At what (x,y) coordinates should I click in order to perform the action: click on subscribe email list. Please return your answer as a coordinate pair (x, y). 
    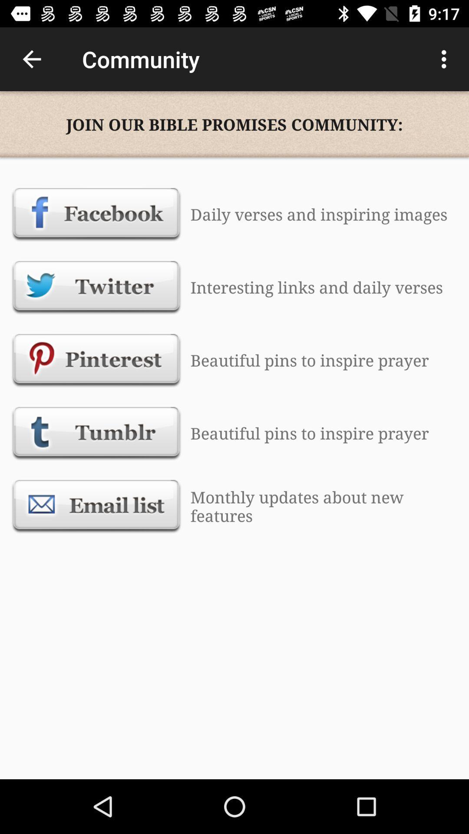
    Looking at the image, I should click on (96, 506).